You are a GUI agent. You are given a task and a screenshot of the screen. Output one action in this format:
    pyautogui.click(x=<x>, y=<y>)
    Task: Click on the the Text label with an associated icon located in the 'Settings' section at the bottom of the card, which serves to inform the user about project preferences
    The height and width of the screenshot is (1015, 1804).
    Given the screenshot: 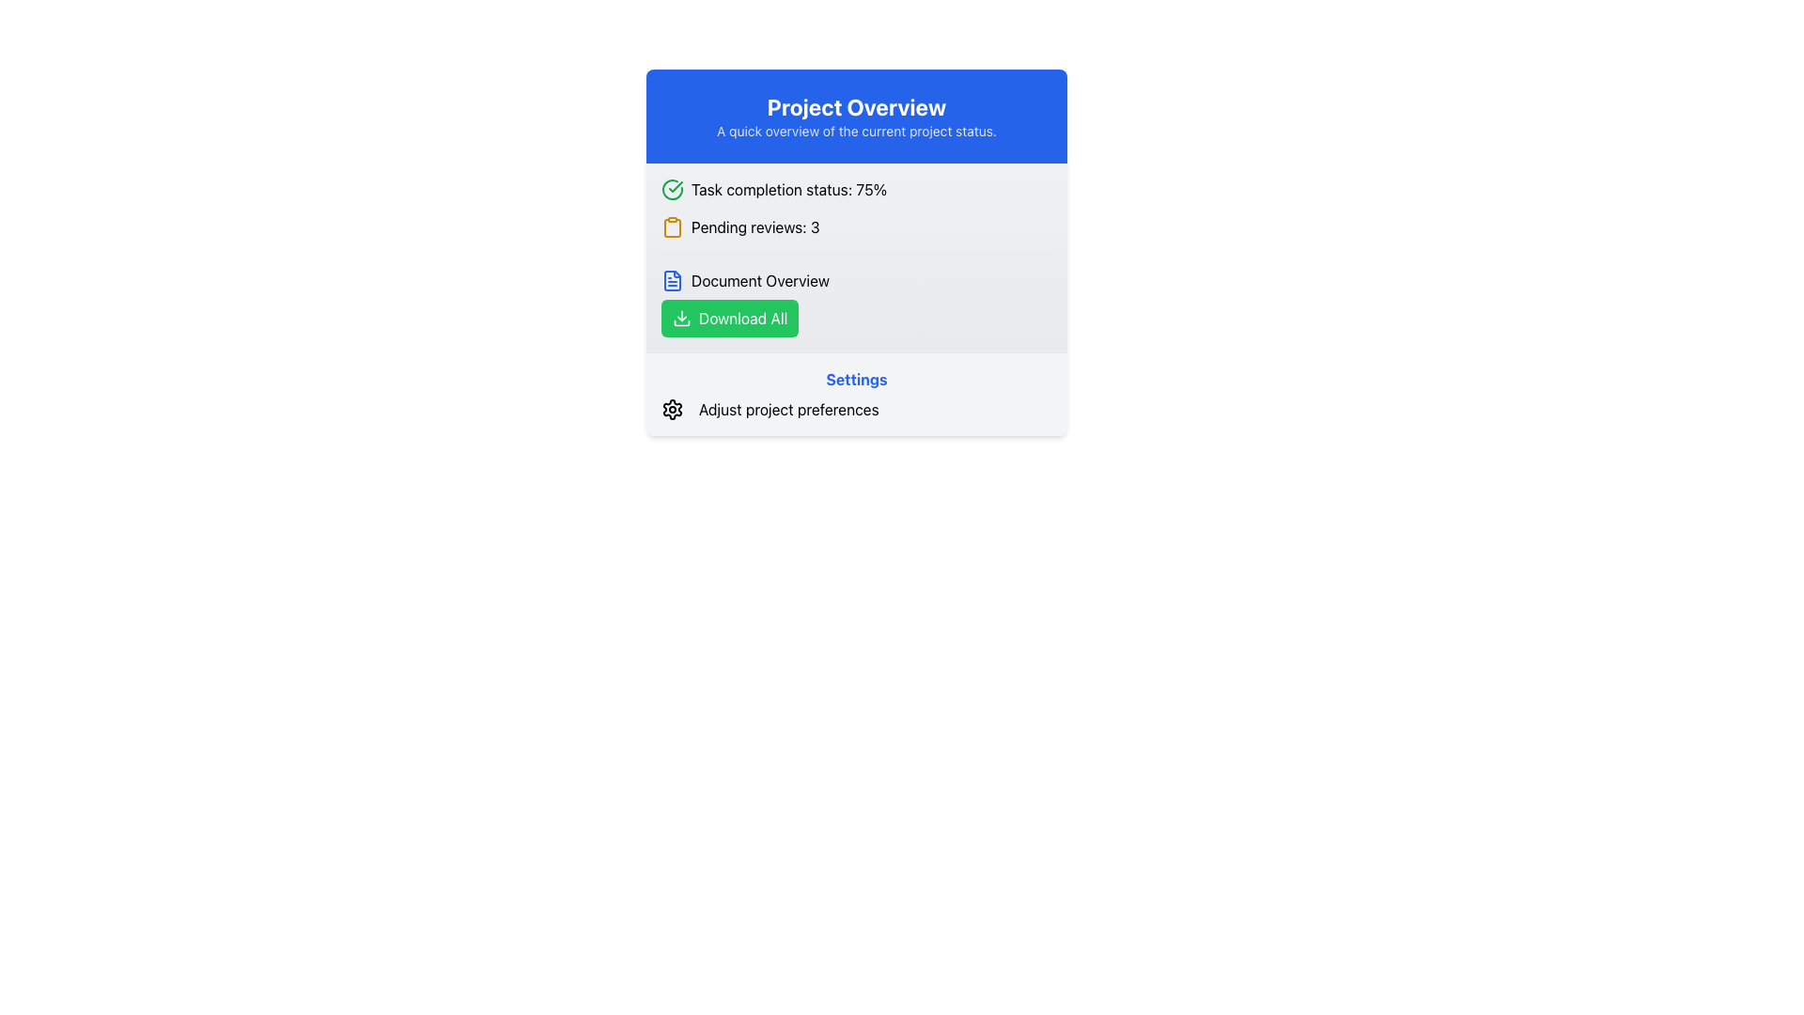 What is the action you would take?
    pyautogui.click(x=856, y=408)
    